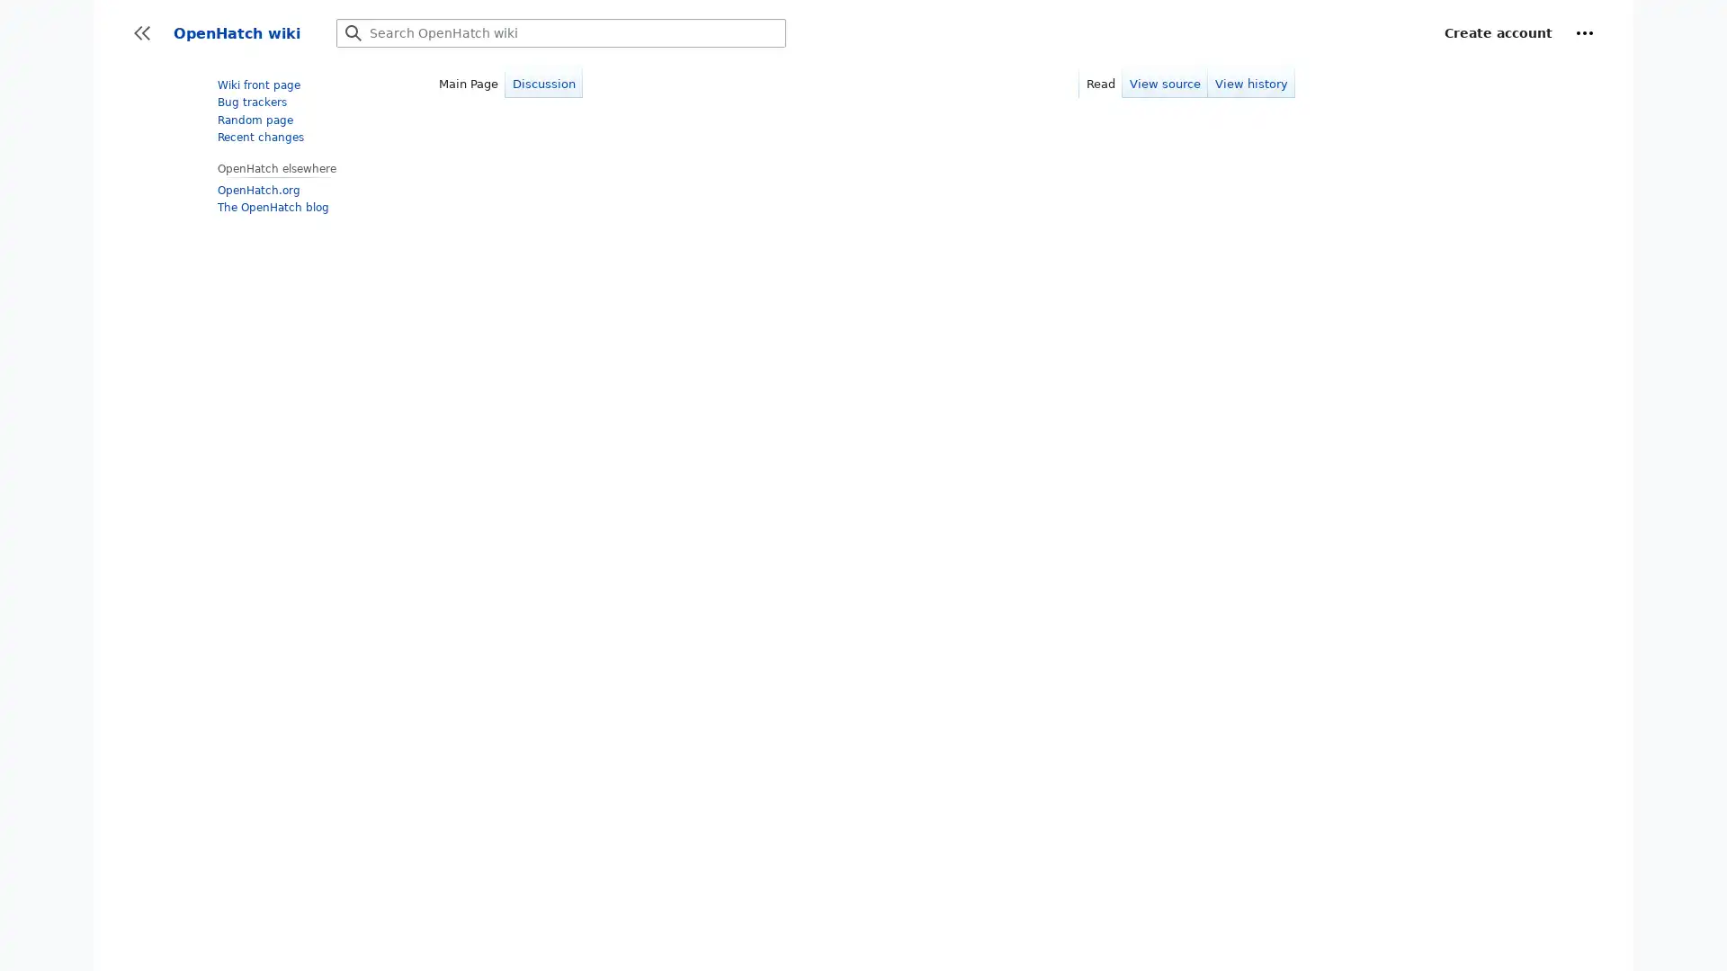  Describe the element at coordinates (1300, 948) in the screenshot. I see `OK` at that location.